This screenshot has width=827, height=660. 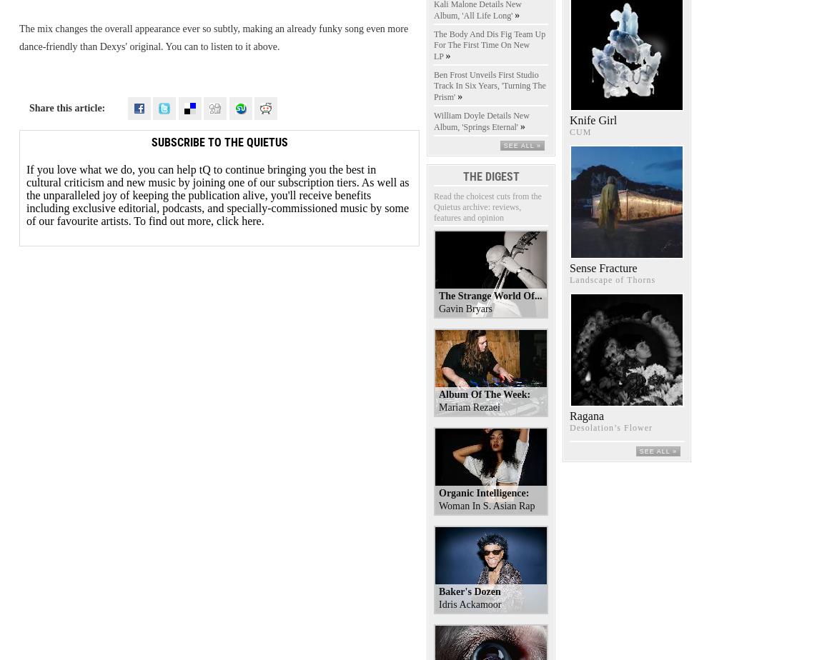 What do you see at coordinates (488, 85) in the screenshot?
I see `'Ben Frost Unveils First Studio Track In Six Years, 'Turning The Prism''` at bounding box center [488, 85].